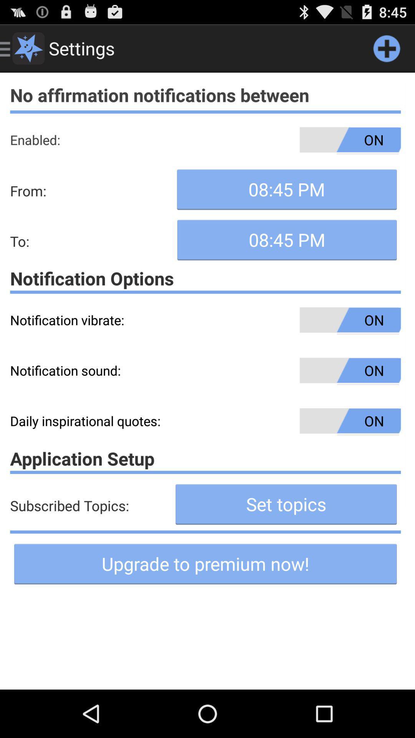  What do you see at coordinates (205, 421) in the screenshot?
I see `the third option under notification options` at bounding box center [205, 421].